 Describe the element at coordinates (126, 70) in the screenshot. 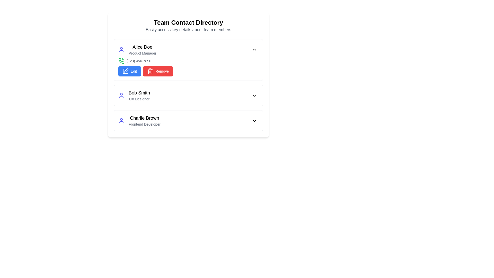

I see `the non-interactive graphical icon located in the top-left corner of the card labeled 'Alice Doe' in the 'Team Contact Directory' to indicate an editable state or functionality` at that location.